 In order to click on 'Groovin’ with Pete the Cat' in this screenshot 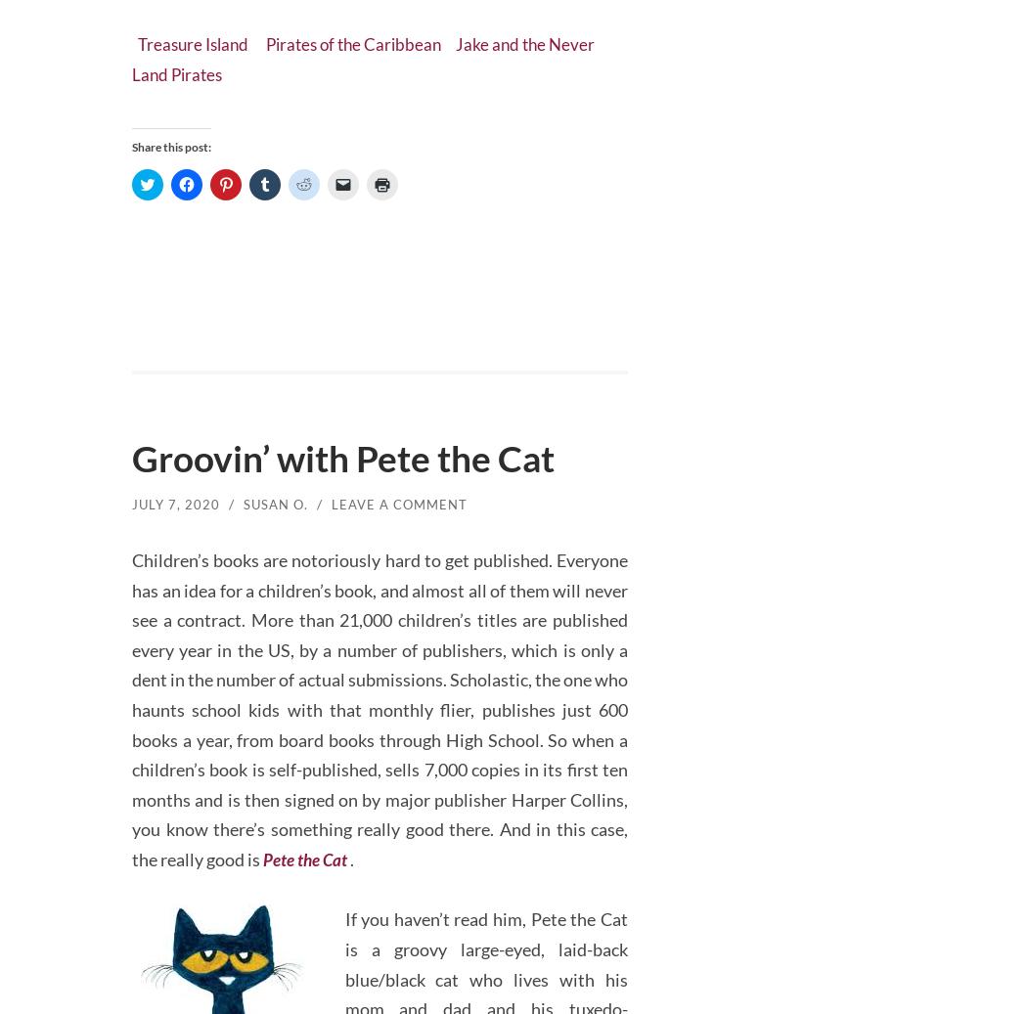, I will do `click(359, 446)`.